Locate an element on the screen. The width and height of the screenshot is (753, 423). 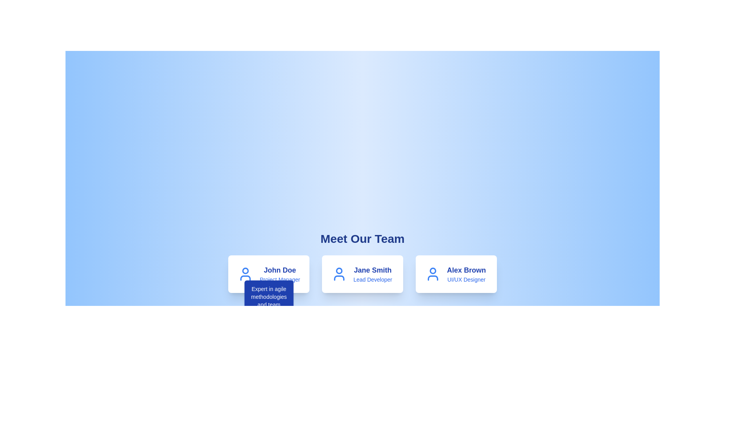
the user icon representing 'John Doe' located at the left side of the card's header area is located at coordinates (245, 273).